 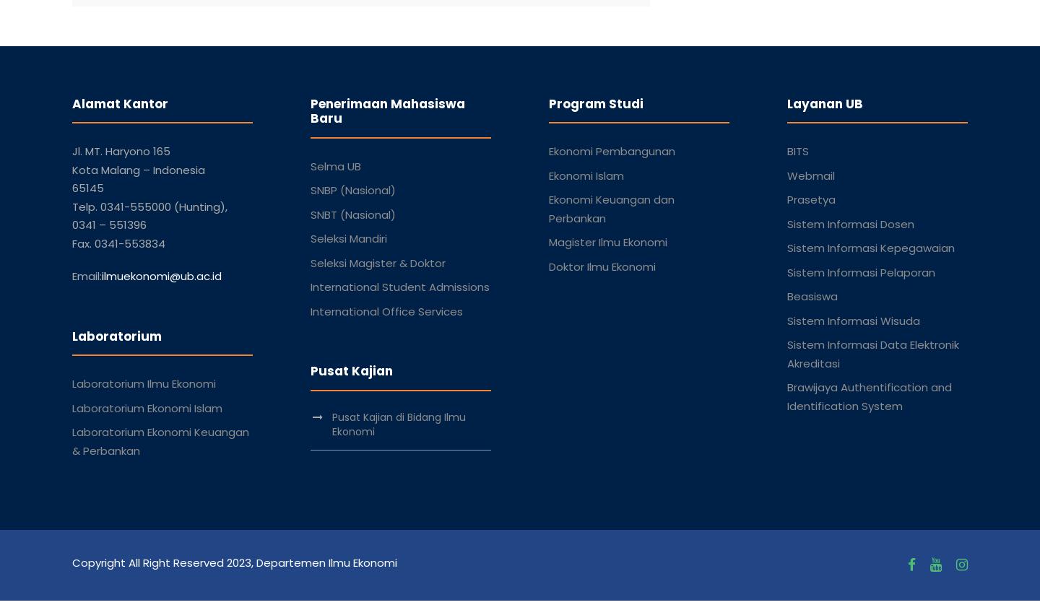 I want to click on 'Ekonomi Pembangunan', so click(x=611, y=151).